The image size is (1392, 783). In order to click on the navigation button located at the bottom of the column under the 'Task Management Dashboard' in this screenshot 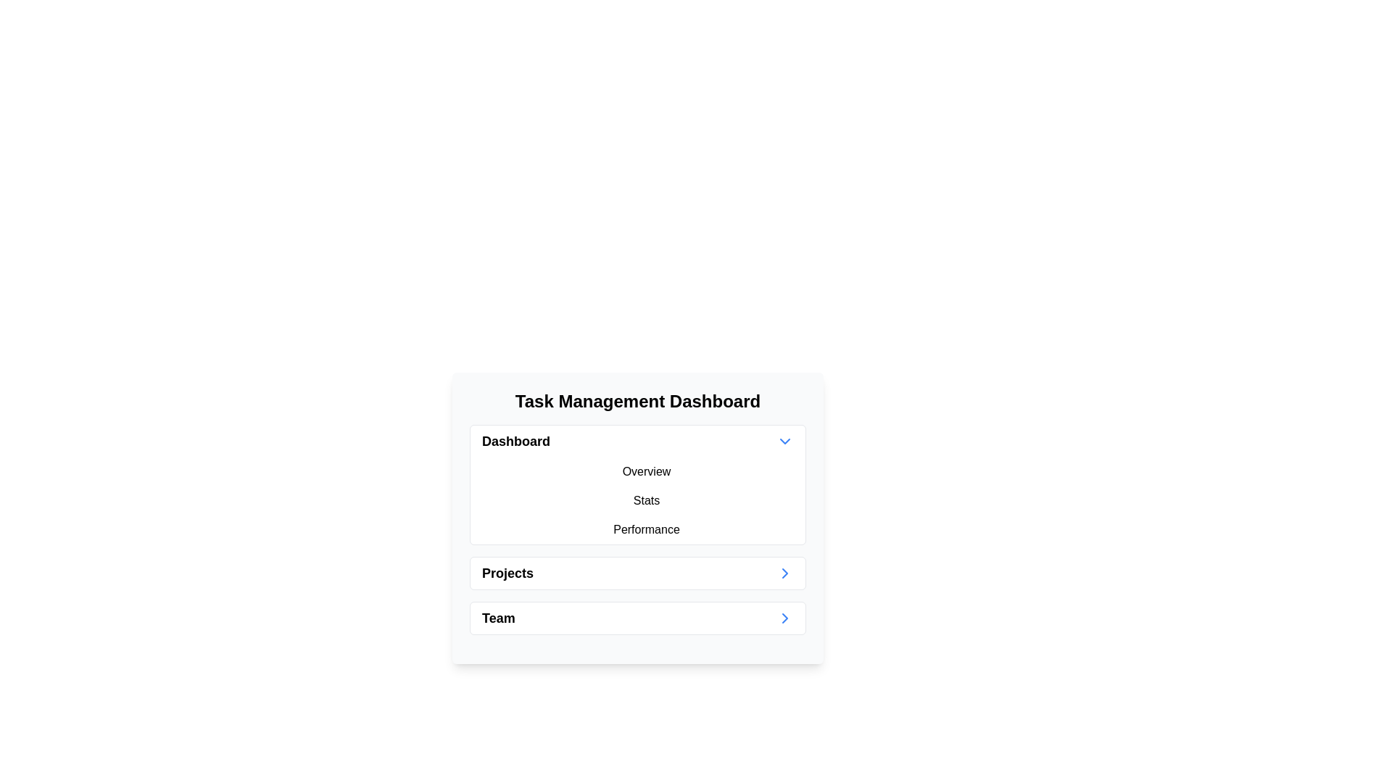, I will do `click(637, 618)`.